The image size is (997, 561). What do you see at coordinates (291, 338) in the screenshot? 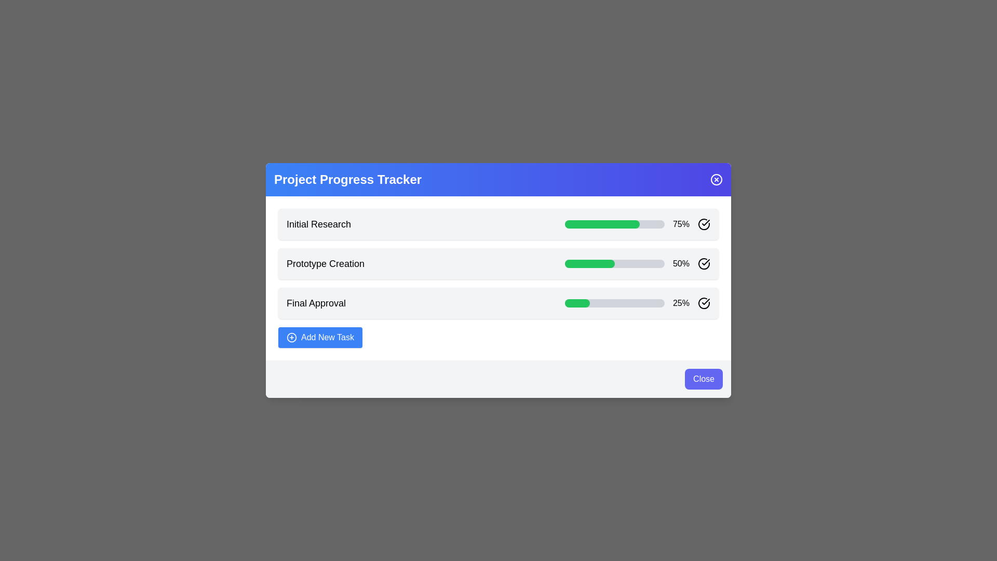
I see `the small circular SVG element with a blue outline located within the 'Add New Task' button at the bottom-left area of the modal` at bounding box center [291, 338].